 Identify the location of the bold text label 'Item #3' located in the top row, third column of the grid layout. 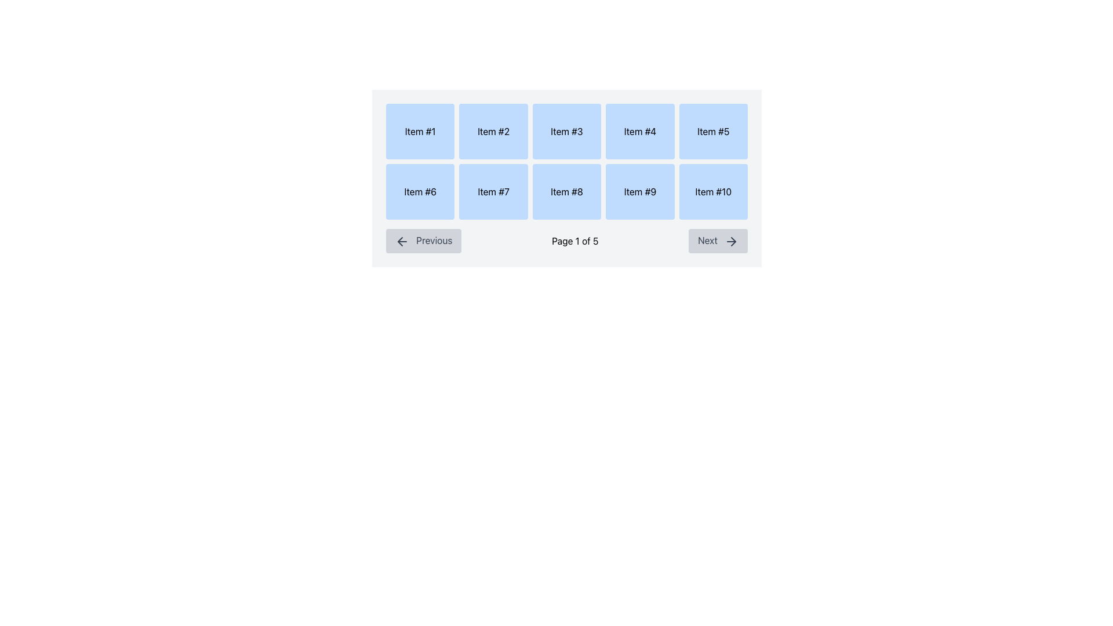
(567, 131).